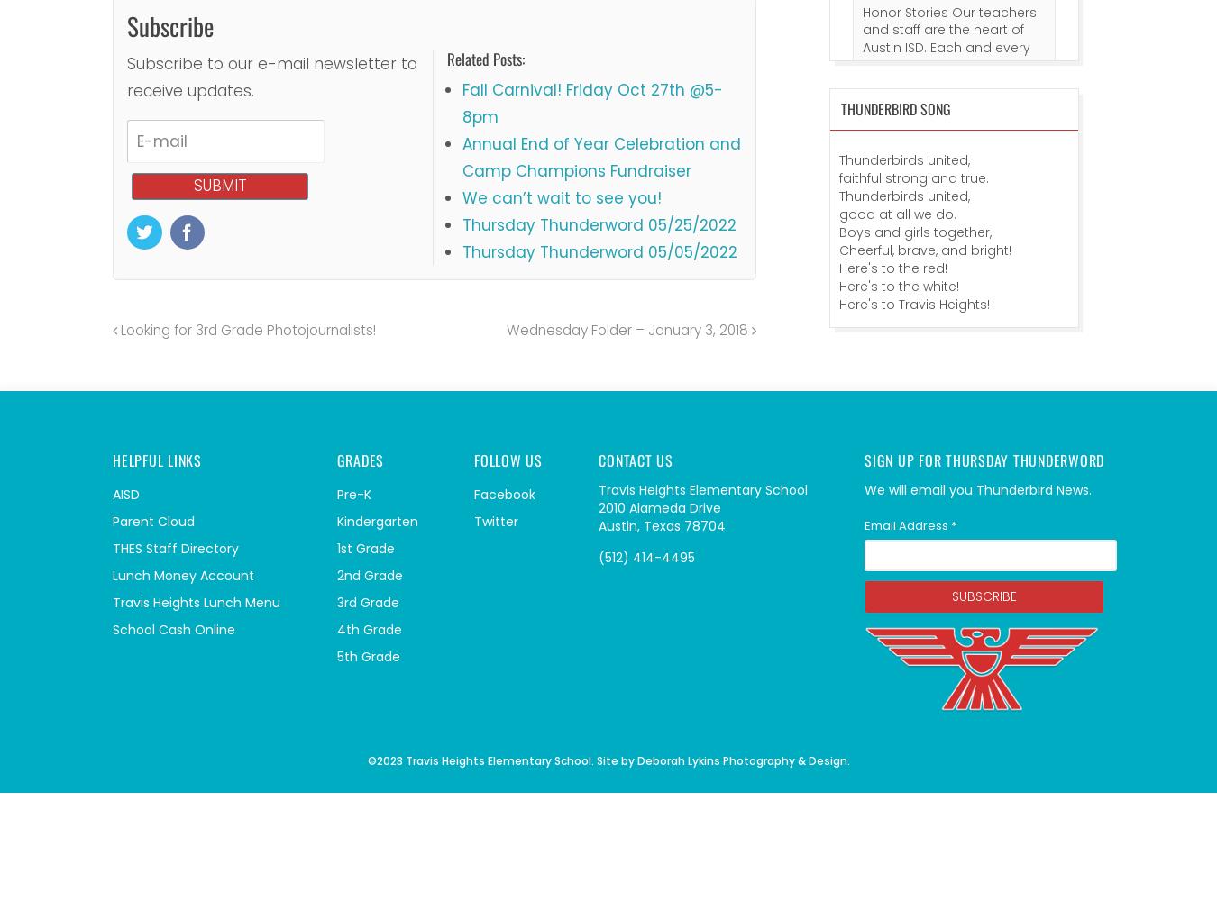 The image size is (1217, 901). What do you see at coordinates (503, 494) in the screenshot?
I see `'Facebook'` at bounding box center [503, 494].